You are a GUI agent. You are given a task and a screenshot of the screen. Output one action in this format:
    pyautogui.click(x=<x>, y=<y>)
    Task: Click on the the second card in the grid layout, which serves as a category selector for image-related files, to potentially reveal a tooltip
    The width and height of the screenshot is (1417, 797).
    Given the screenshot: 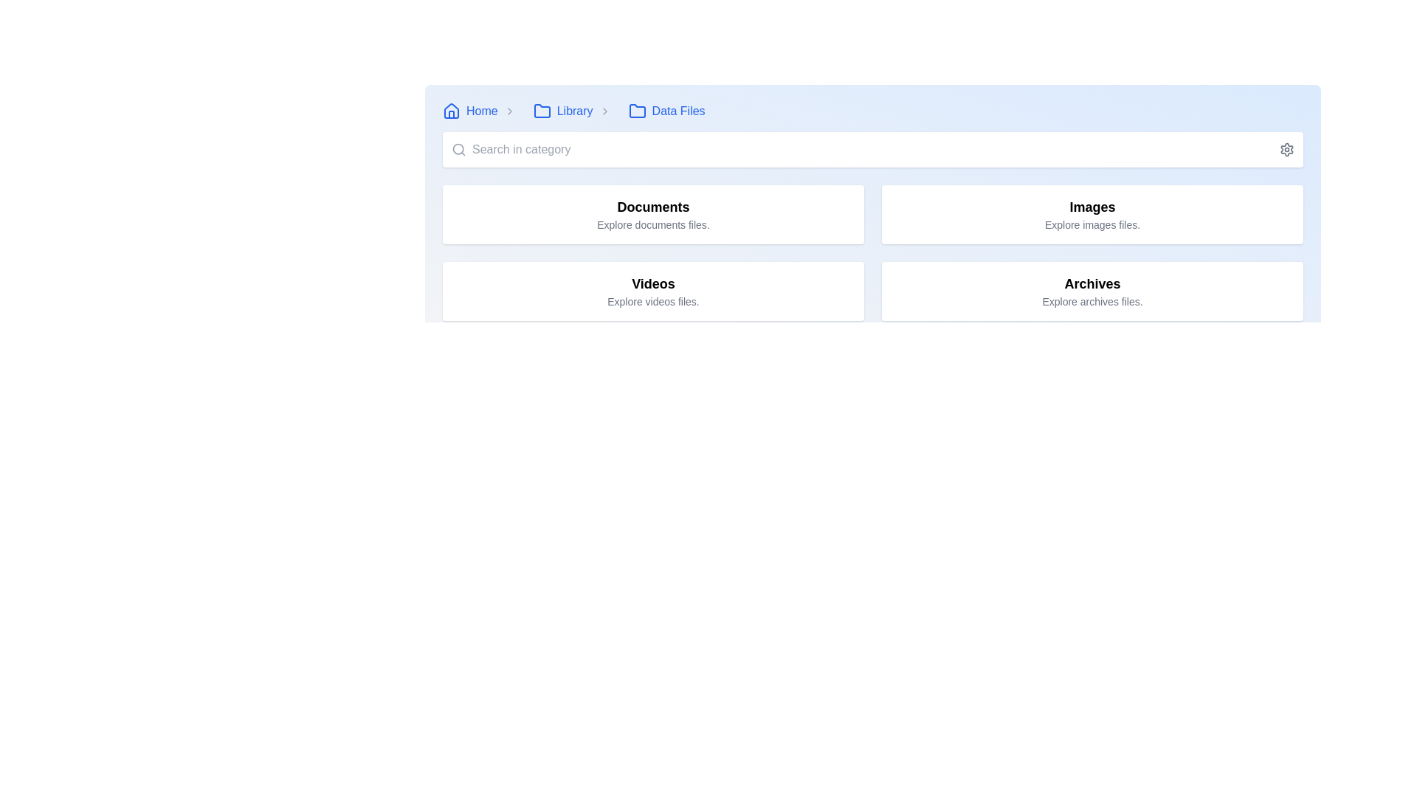 What is the action you would take?
    pyautogui.click(x=1092, y=214)
    